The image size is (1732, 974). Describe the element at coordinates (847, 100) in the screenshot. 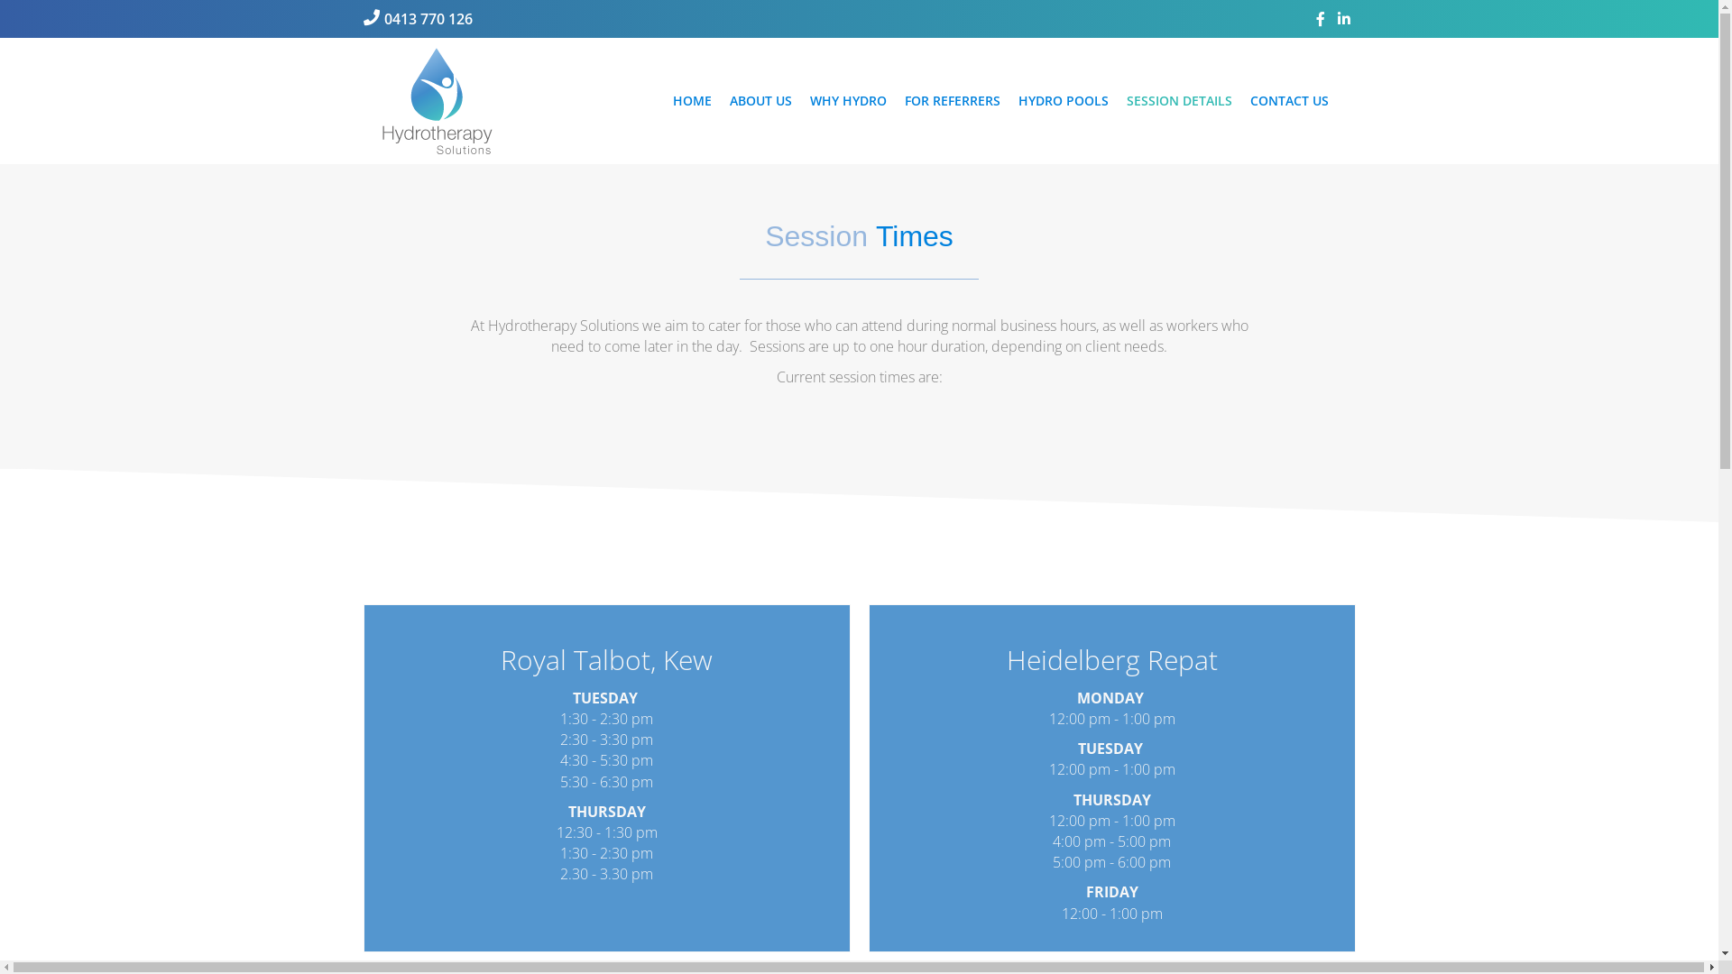

I see `'WHY HYDRO'` at that location.